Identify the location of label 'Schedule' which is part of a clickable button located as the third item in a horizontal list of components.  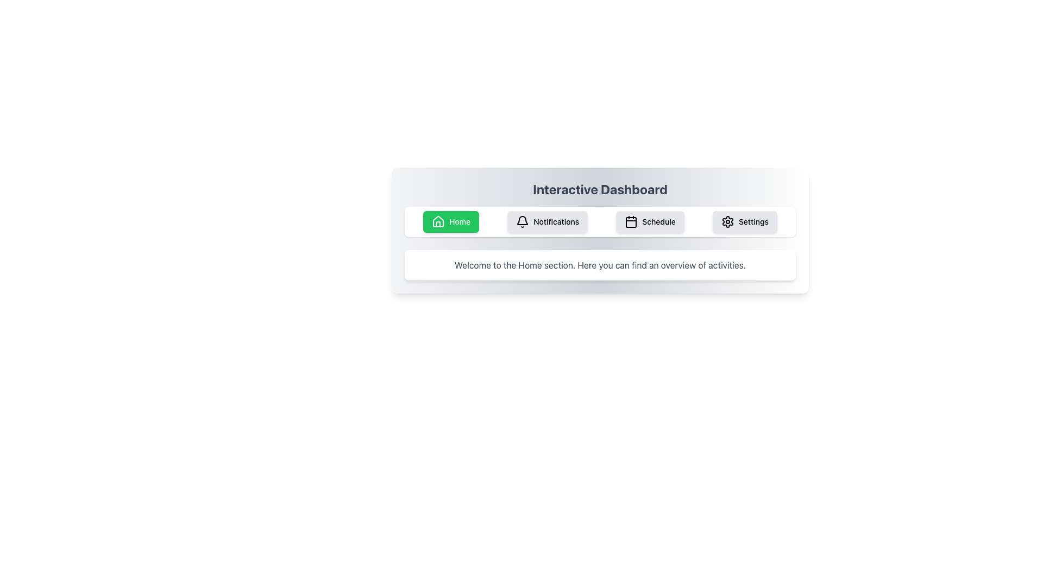
(658, 221).